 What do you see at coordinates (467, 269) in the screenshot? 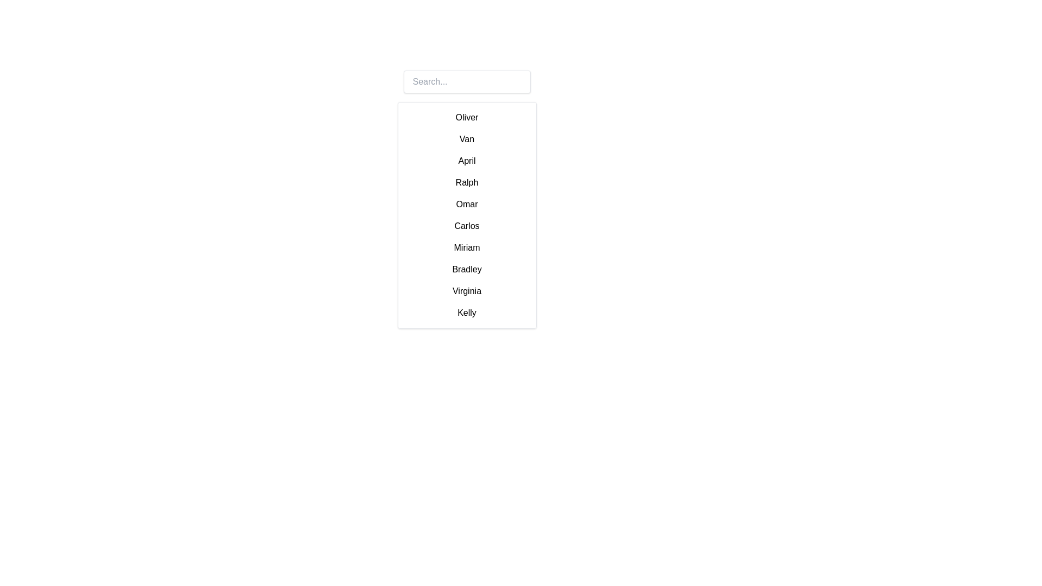
I see `the eighth item in the vertical list of names, positioned between 'Miriam' and 'Virginia'` at bounding box center [467, 269].